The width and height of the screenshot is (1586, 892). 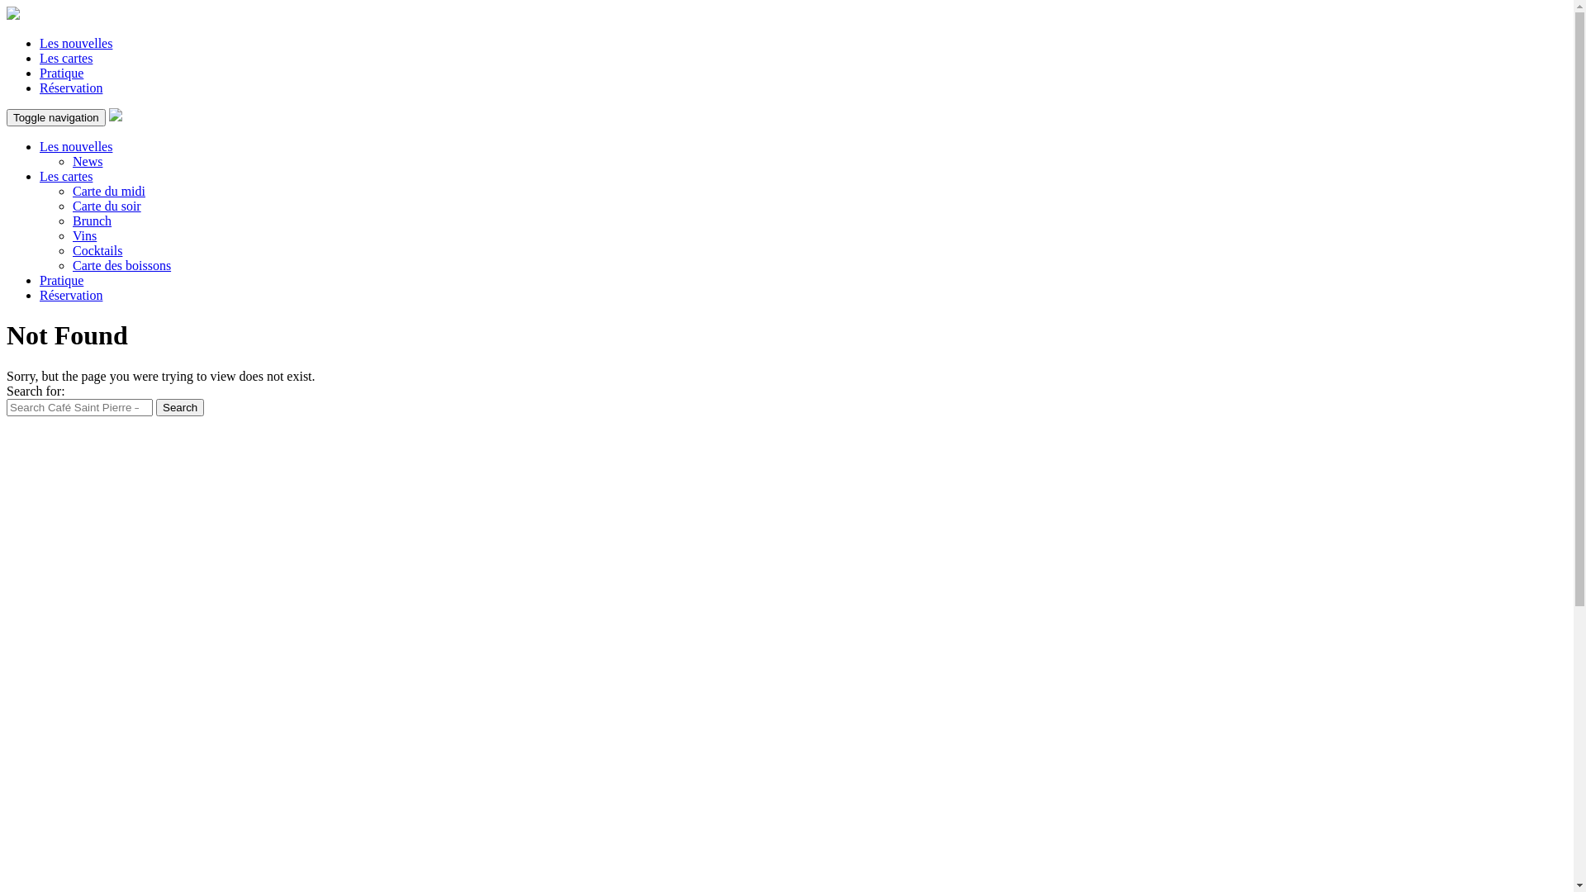 I want to click on 'Les nouvelles', so click(x=40, y=42).